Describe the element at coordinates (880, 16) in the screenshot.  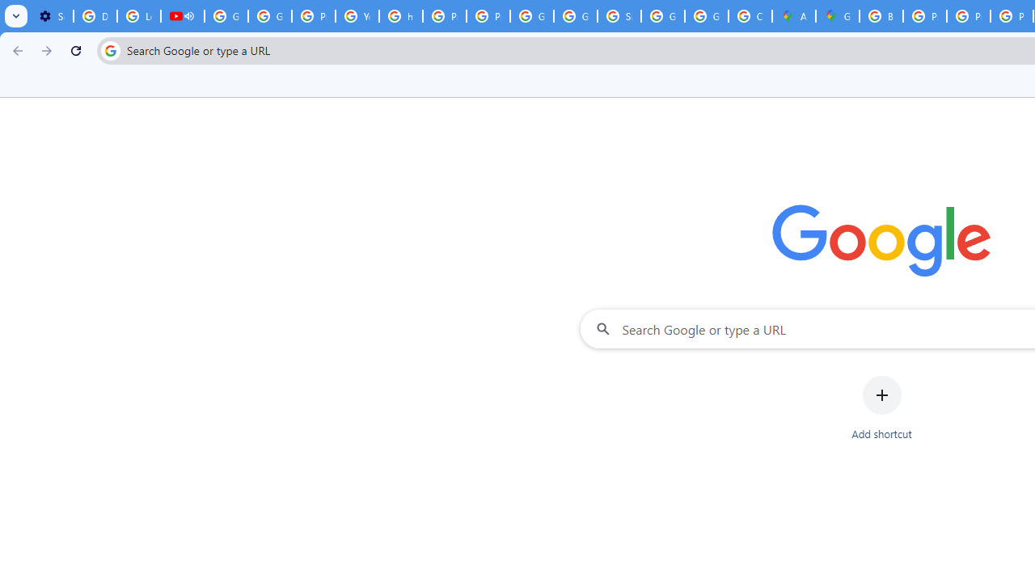
I see `'Blogger Policies and Guidelines - Transparency Center'` at that location.